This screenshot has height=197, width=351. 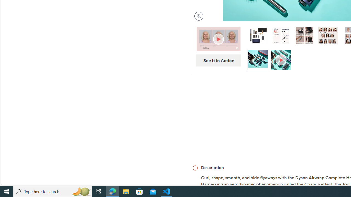 I want to click on 'Dyson Airwrap Complete with Paddle Brush and Travel Pouch', so click(x=257, y=36).